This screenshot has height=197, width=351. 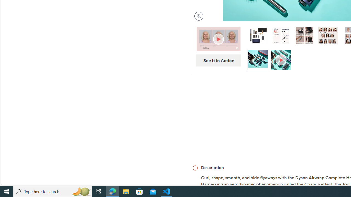 I want to click on 'Dyson Airwrap Complete with Paddle Brush and Travel Pouch', so click(x=257, y=36).